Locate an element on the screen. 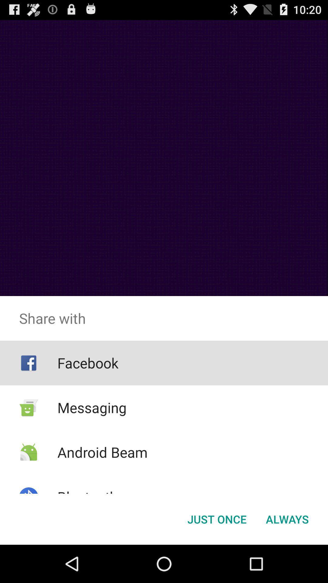 Image resolution: width=328 pixels, height=583 pixels. button to the left of the always is located at coordinates (217, 519).